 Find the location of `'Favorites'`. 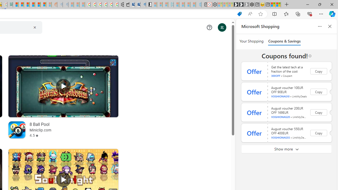

'Favorites' is located at coordinates (286, 13).